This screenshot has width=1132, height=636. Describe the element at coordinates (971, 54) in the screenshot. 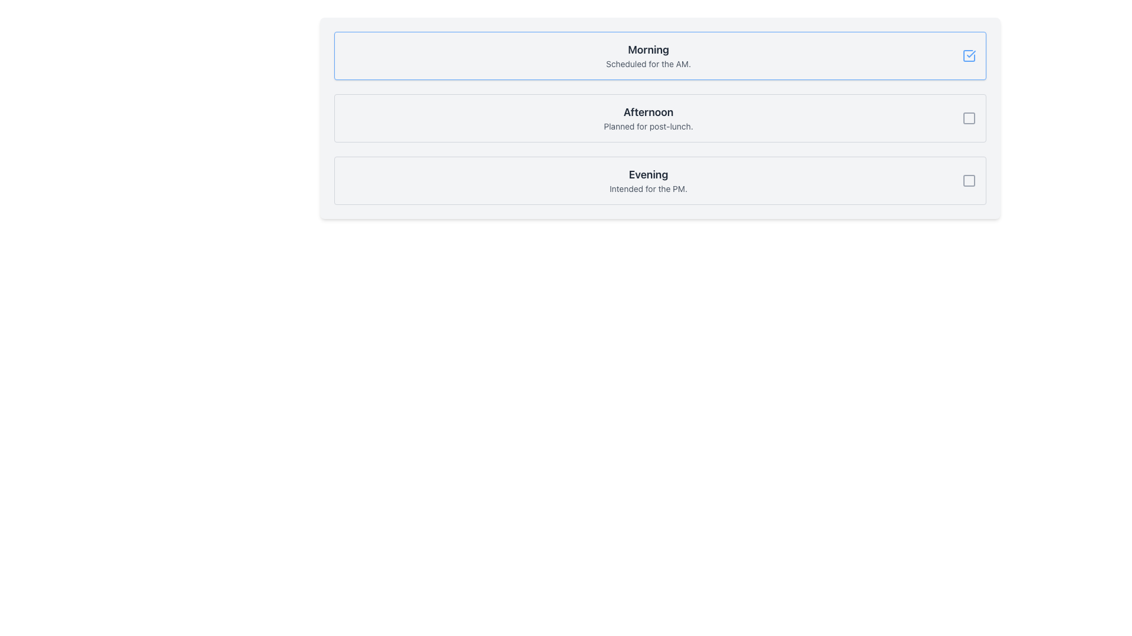

I see `the Graphical Icon (Checkmark) located in the upper-right corner of the first item in the checklist interface` at that location.